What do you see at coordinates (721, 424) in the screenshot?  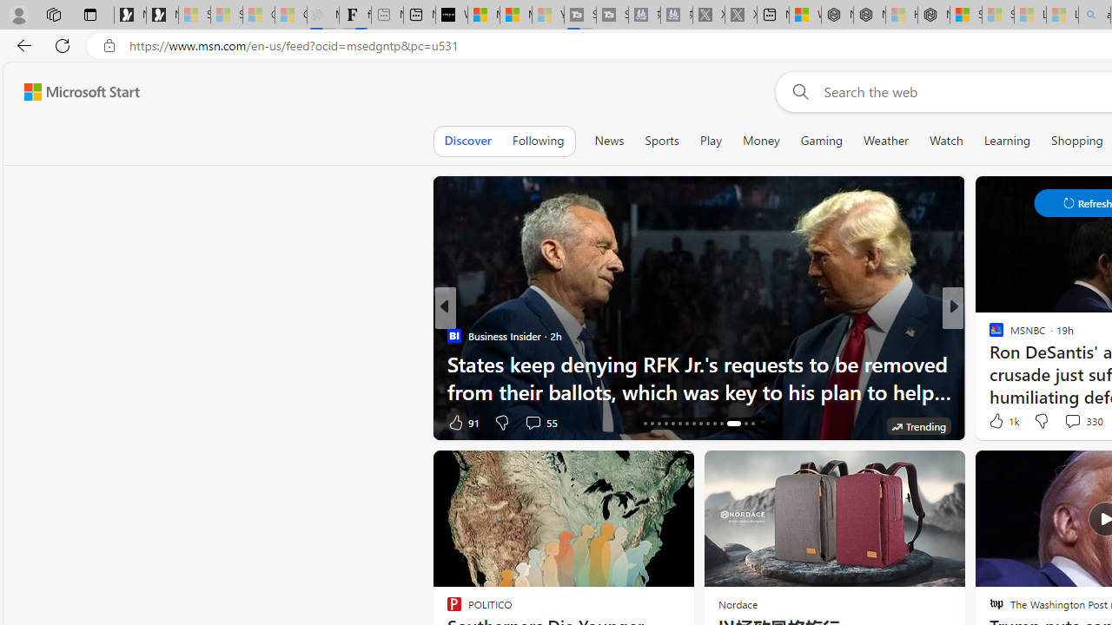 I see `'AutomationID: tab-27'` at bounding box center [721, 424].